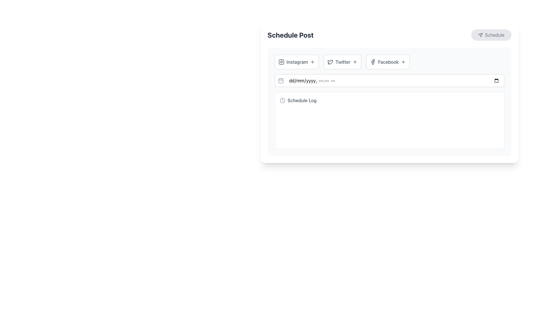 This screenshot has height=310, width=552. What do you see at coordinates (343, 62) in the screenshot?
I see `the 'Twitter' label in the 'Schedule Post' dialog, which is positioned between the 'Instagram' and 'Facebook' labels` at bounding box center [343, 62].